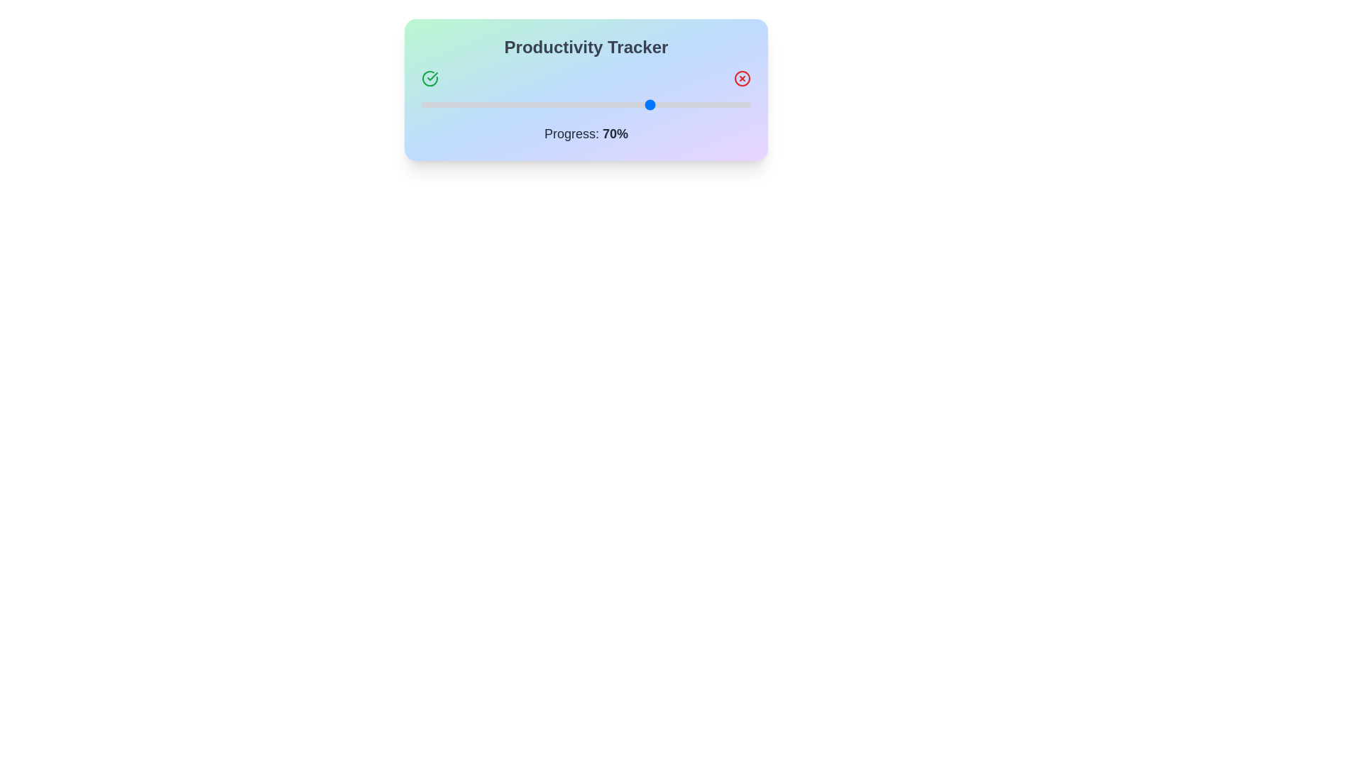  Describe the element at coordinates (742, 79) in the screenshot. I see `the delete button located at the top-right corner of the 'Productivity Tracker' card` at that location.